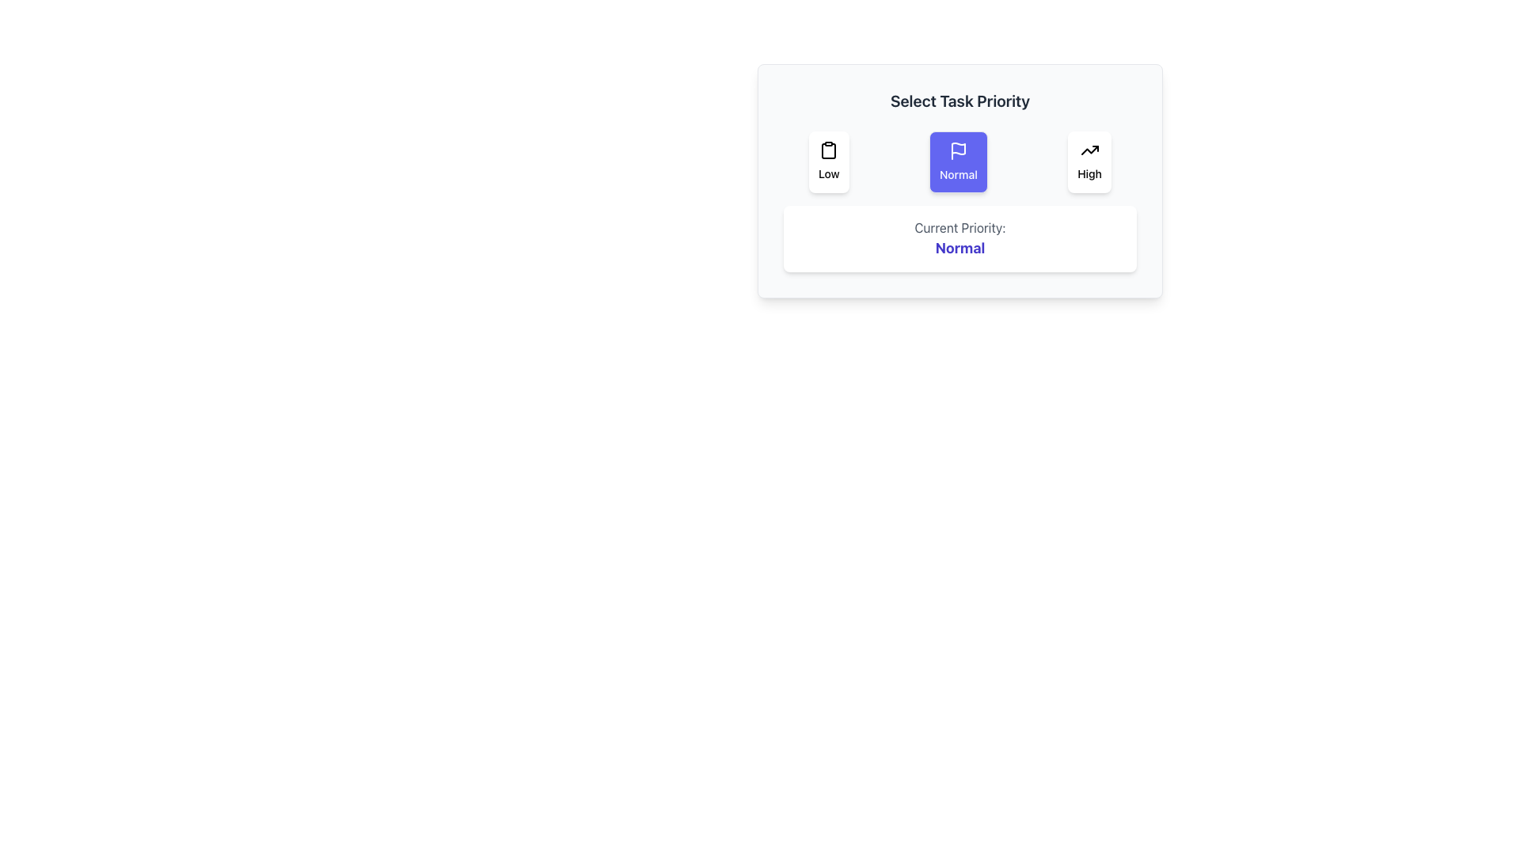  I want to click on the text header labeled 'Select Task Priority', which is styled in bold and larger gray font at the top of the task prioritization interface, so click(959, 101).